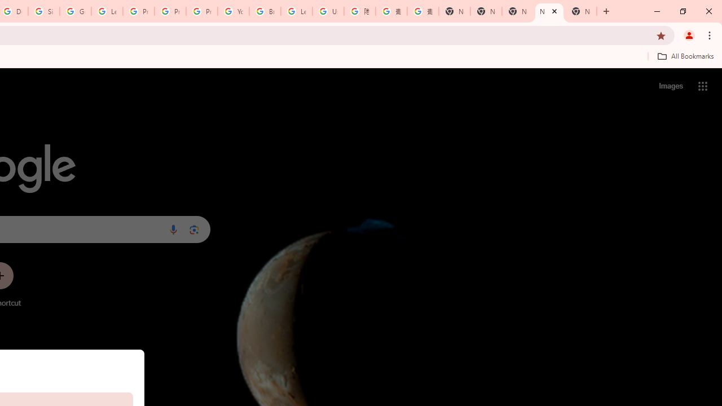 The image size is (722, 406). Describe the element at coordinates (685, 56) in the screenshot. I see `'All Bookmarks'` at that location.